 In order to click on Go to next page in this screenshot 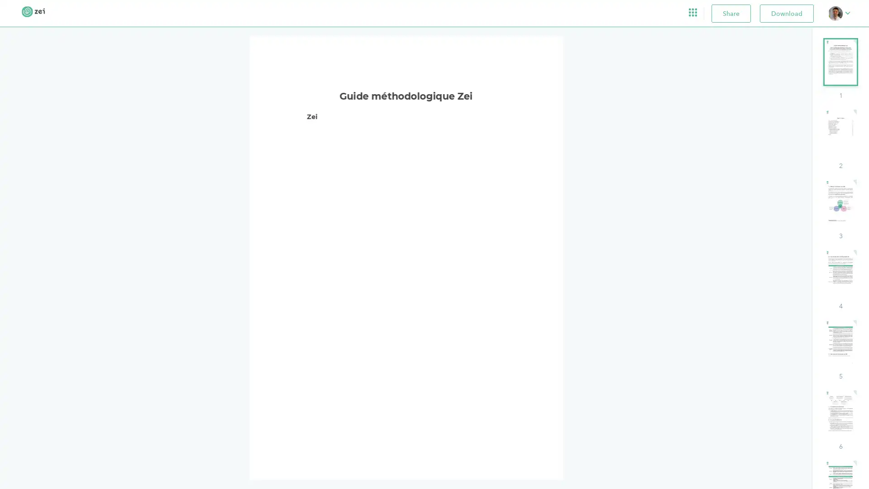, I will do `click(417, 458)`.